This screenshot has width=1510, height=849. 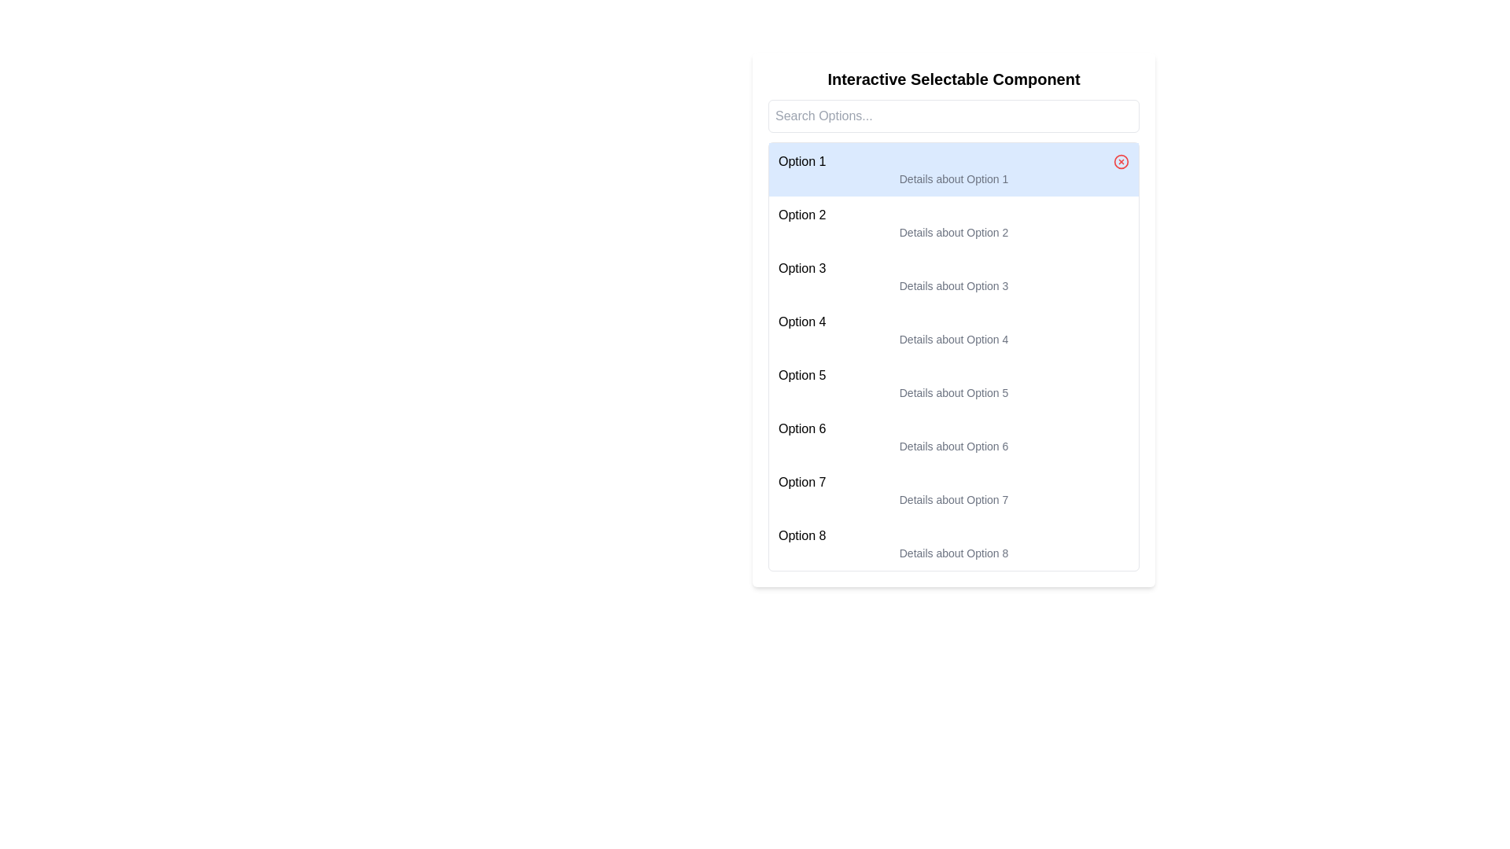 I want to click on the Circular button with an 'X' icon, so click(x=1120, y=161).